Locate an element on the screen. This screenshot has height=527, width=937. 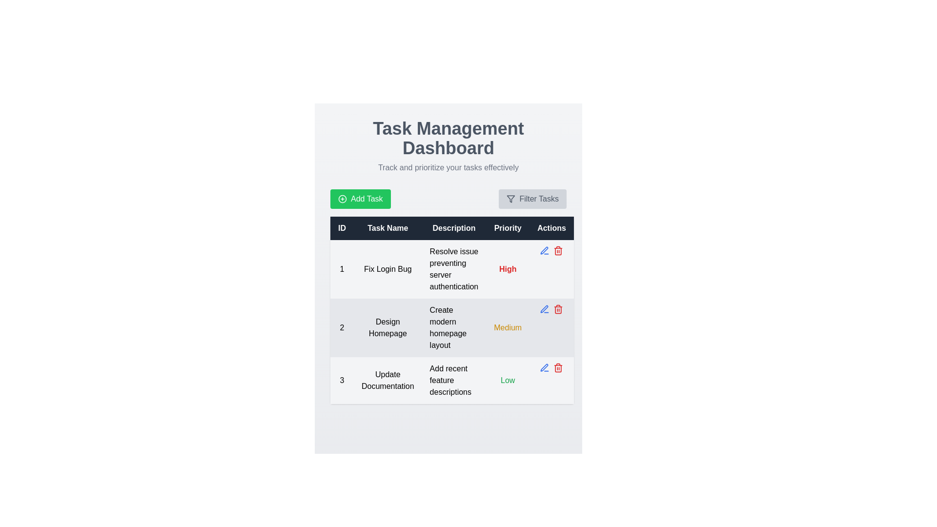
the red trash icon in the 'Actions' column of the task management table for the 'Design Homepage' task is located at coordinates (558, 368).